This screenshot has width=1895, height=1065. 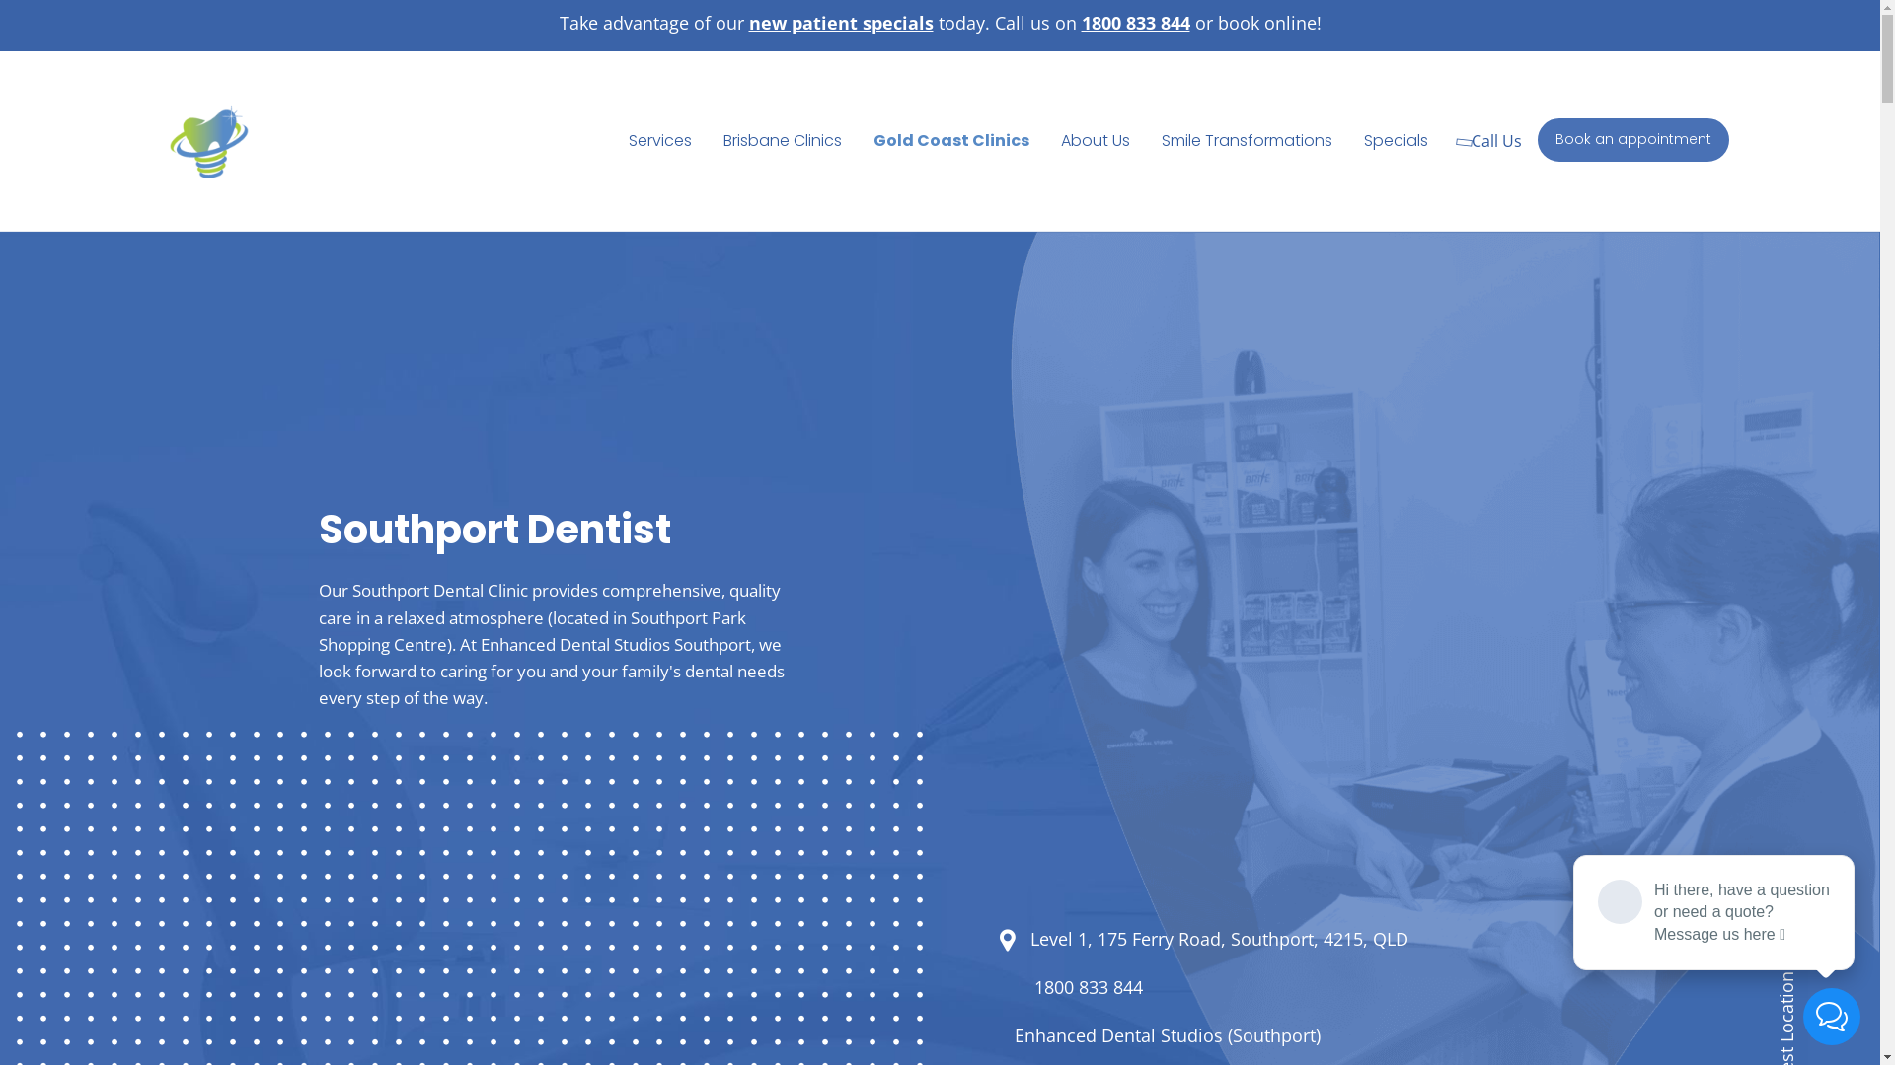 What do you see at coordinates (755, 626) in the screenshot?
I see `'Submit'` at bounding box center [755, 626].